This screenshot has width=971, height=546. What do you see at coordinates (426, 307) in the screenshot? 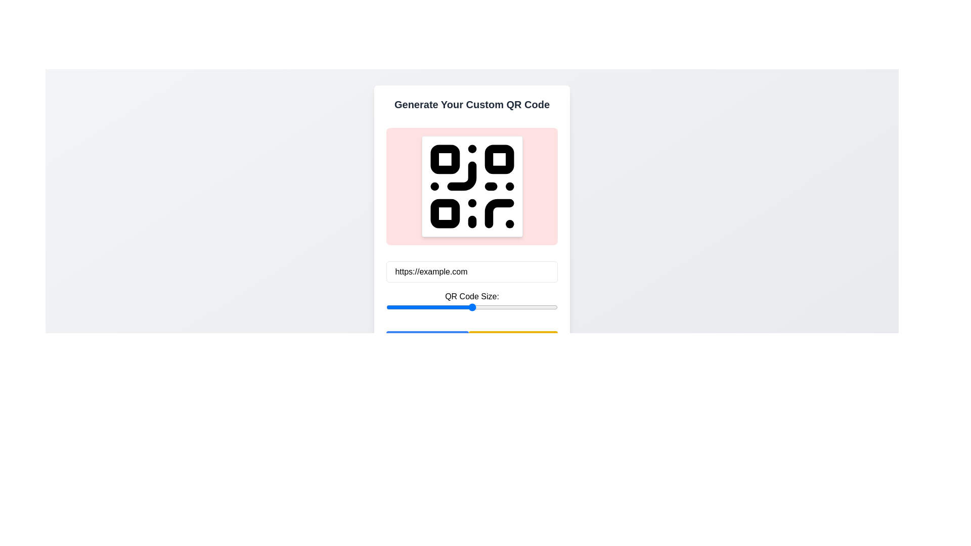
I see `QR code size` at bounding box center [426, 307].